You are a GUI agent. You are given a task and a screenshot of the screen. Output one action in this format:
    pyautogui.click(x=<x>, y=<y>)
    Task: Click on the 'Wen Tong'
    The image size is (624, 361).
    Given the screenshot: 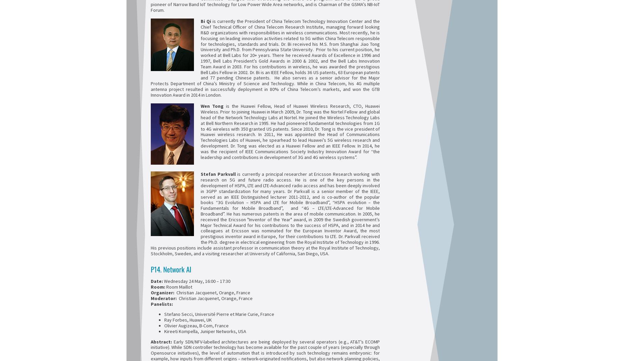 What is the action you would take?
    pyautogui.click(x=200, y=105)
    